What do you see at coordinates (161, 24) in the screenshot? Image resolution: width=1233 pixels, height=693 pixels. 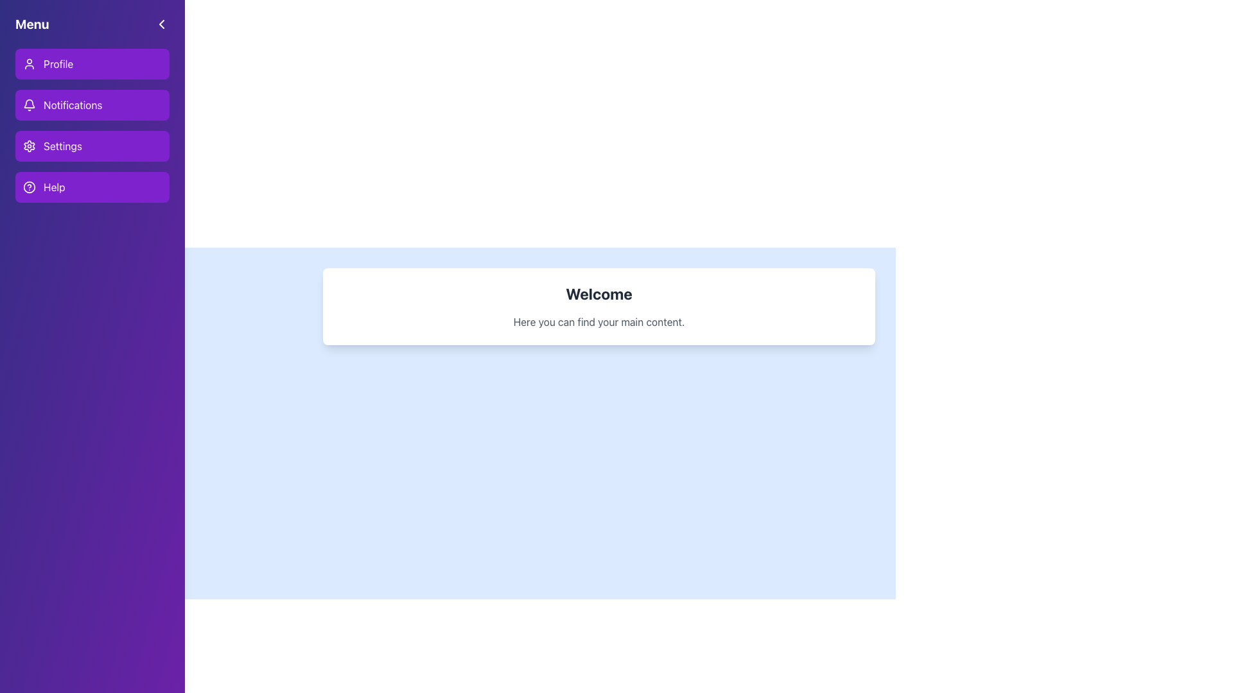 I see `the leftward-facing chevron icon in the purple vertical menu bar, which serves as a navigation button at the top of the menu` at bounding box center [161, 24].